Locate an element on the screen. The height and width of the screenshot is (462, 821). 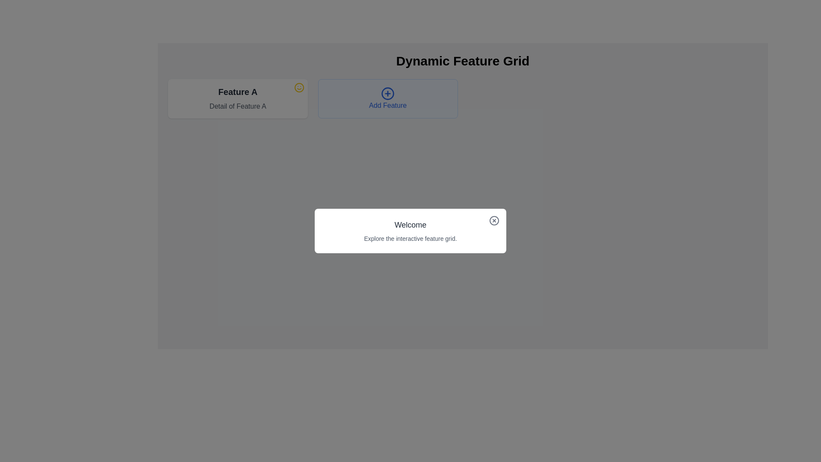
the interactive icon button for adding a new feature, located at the center of the 'Add Feature' button is located at coordinates (387, 94).